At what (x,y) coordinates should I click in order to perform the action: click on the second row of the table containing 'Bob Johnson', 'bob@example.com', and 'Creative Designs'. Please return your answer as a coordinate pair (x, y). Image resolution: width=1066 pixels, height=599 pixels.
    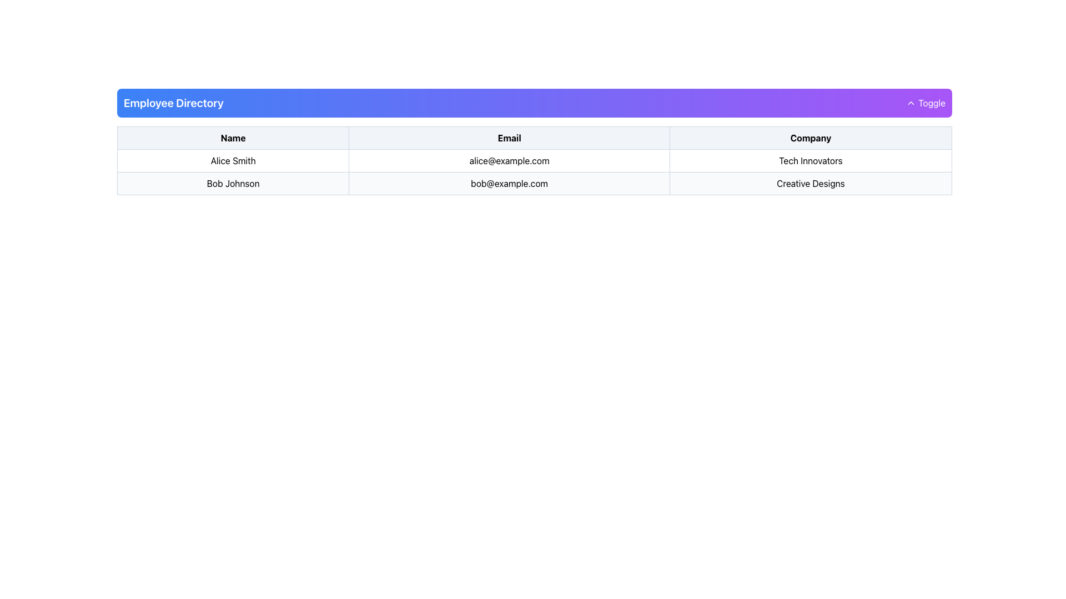
    Looking at the image, I should click on (535, 183).